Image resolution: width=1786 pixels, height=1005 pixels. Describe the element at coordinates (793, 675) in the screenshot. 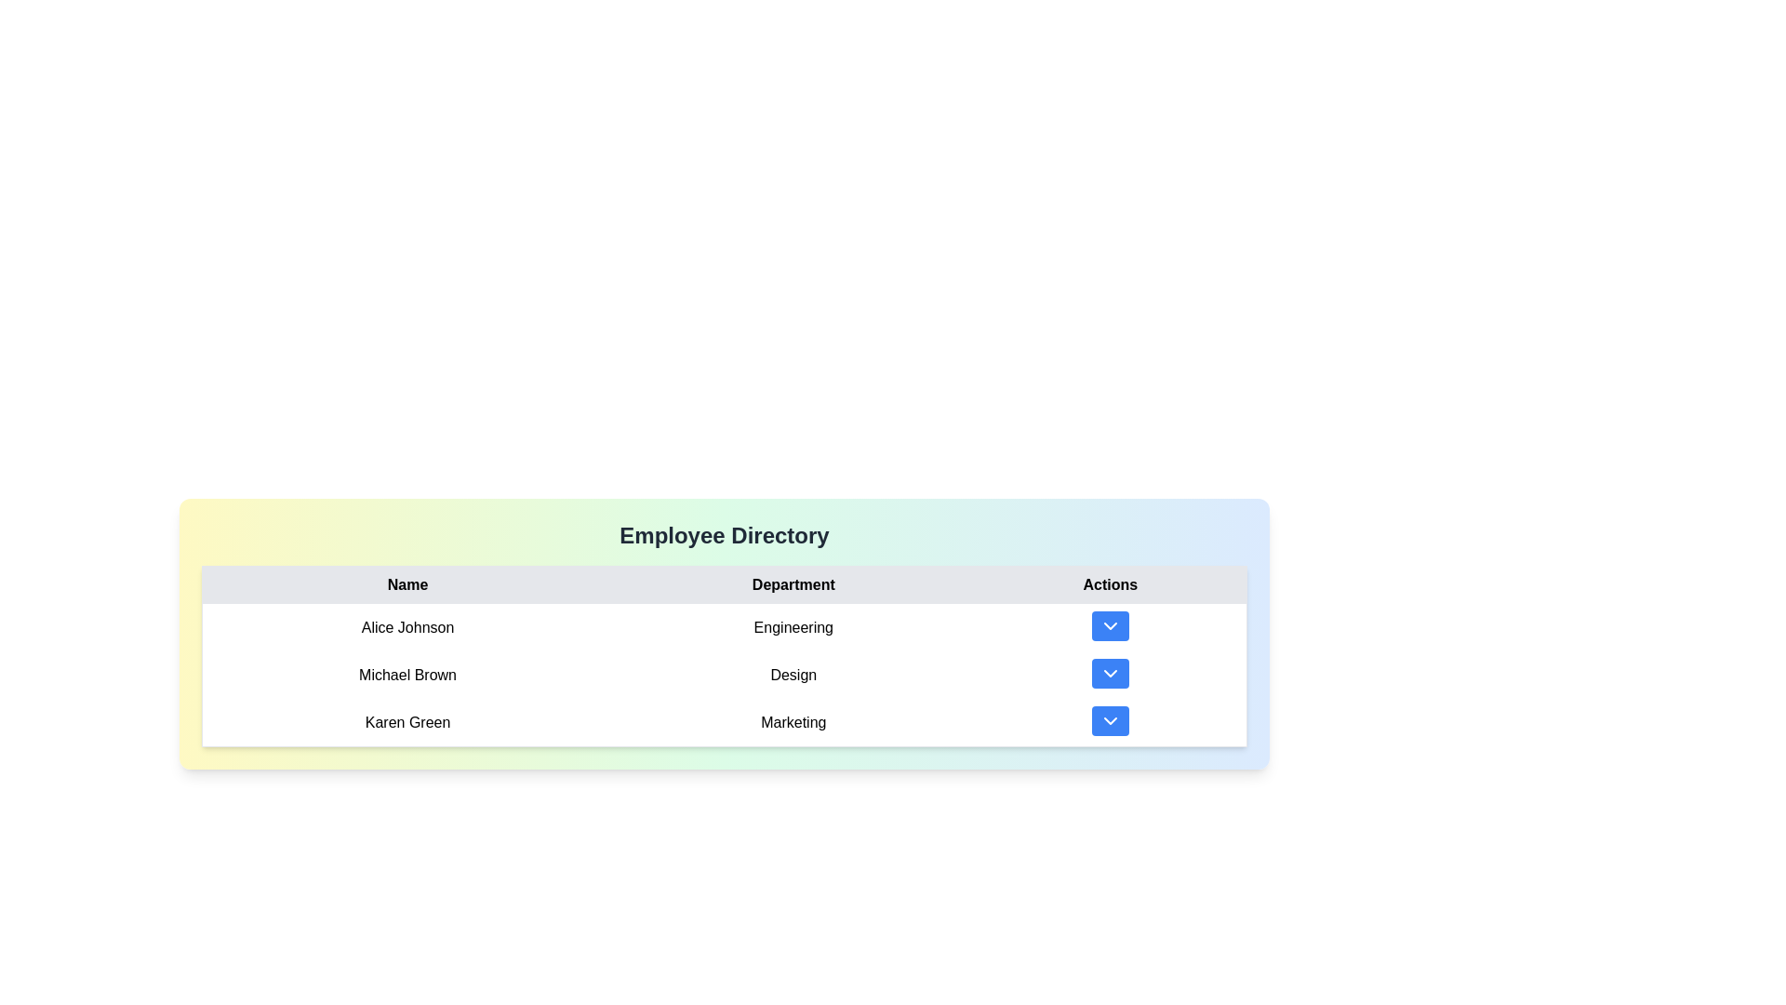

I see `the text label displaying 'Design' in the Department column for the row associated with 'Michael Brown', positioned between 'Engineering' and 'Marketing'` at that location.